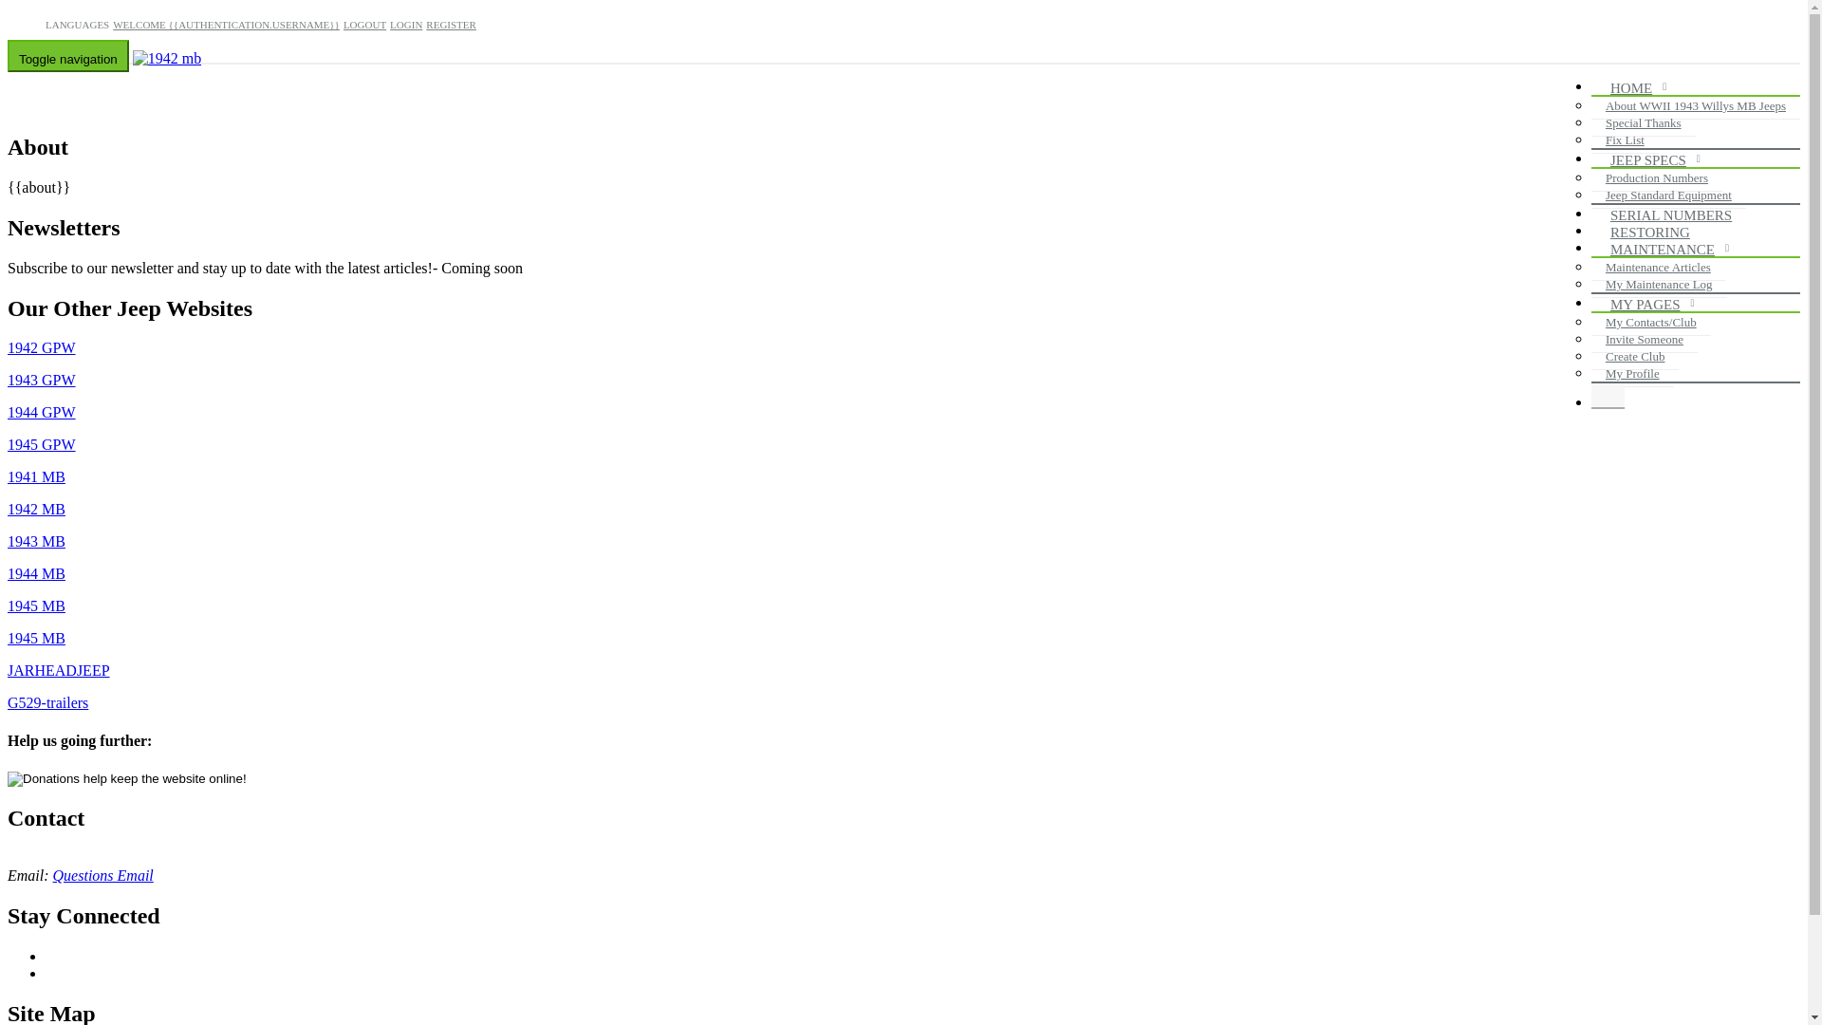  I want to click on 'JARHEADJEEP', so click(8, 669).